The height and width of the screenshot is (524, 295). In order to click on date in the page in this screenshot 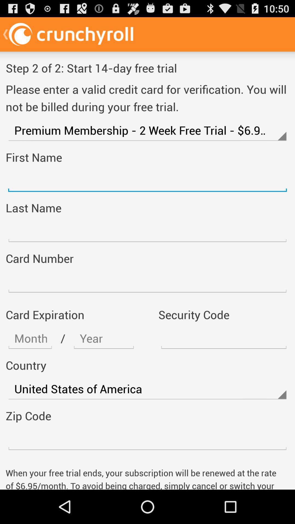, I will do `click(104, 338)`.